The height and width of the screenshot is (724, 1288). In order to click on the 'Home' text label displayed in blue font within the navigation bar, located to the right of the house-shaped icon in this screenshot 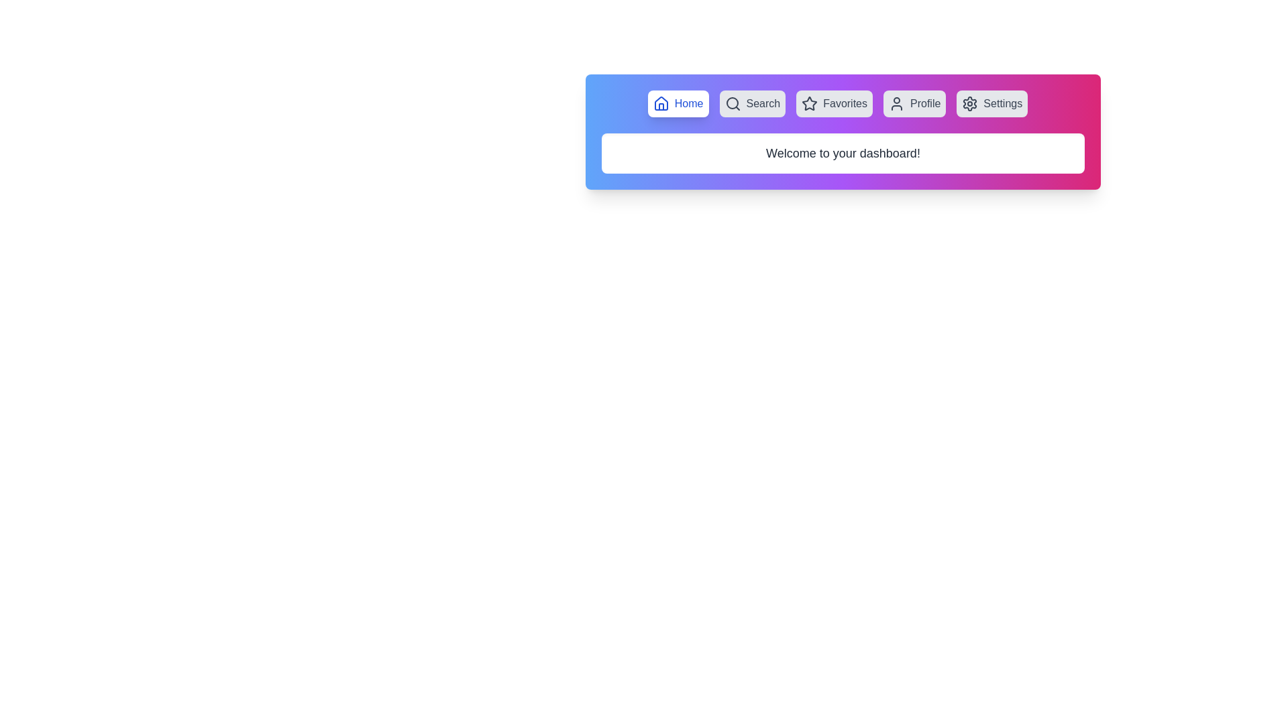, I will do `click(689, 103)`.